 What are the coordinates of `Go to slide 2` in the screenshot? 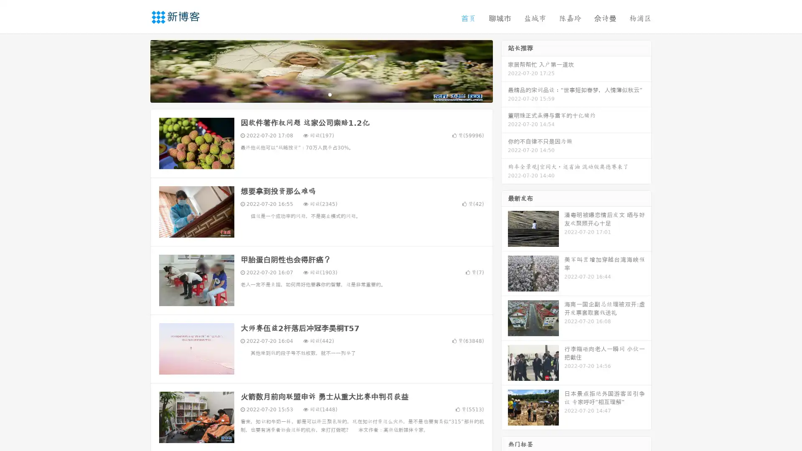 It's located at (321, 94).